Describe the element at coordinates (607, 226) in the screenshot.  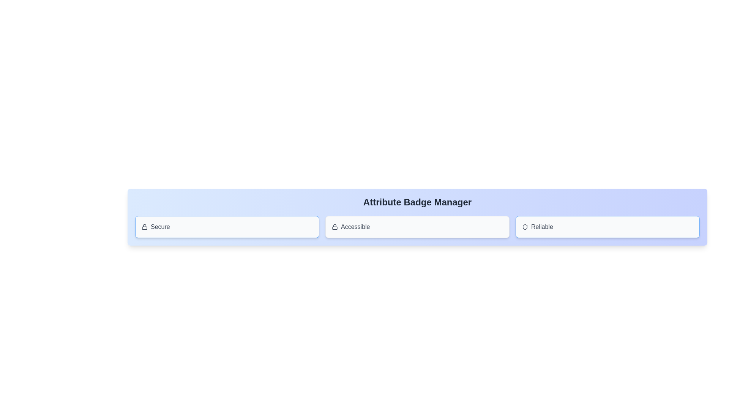
I see `the attribute badge labeled Reliable to observe the hover effect` at that location.